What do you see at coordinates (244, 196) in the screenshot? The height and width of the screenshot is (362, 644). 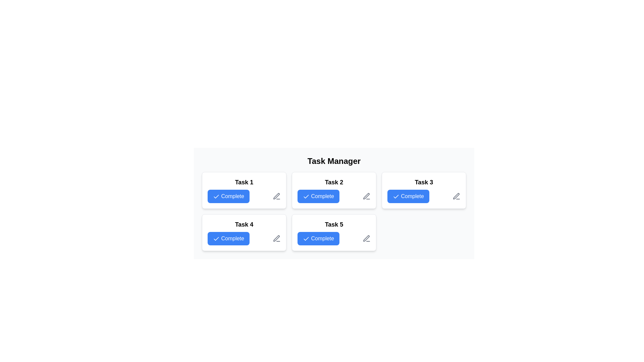 I see `the action button located in the lower section of the 'Task 1' card to mark the task as completed` at bounding box center [244, 196].